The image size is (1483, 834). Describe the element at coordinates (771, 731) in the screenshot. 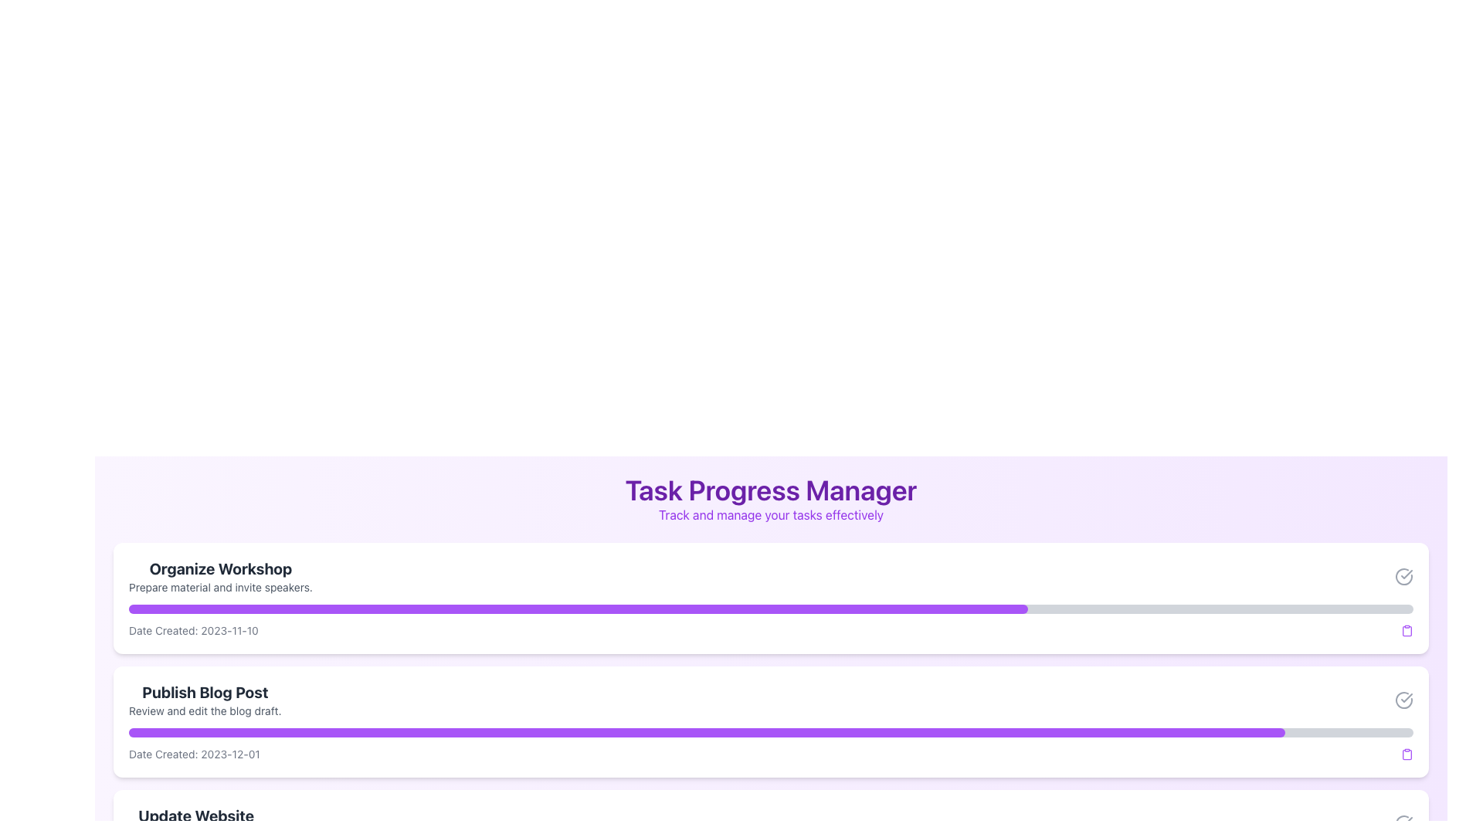

I see `the progress bar located within the 'Publish Blog Post' card, which is styled with a light gray background and a filled purple segment, situated between 'Review and edit the blog draft.' and 'Date Created: 2023-12-01'` at that location.